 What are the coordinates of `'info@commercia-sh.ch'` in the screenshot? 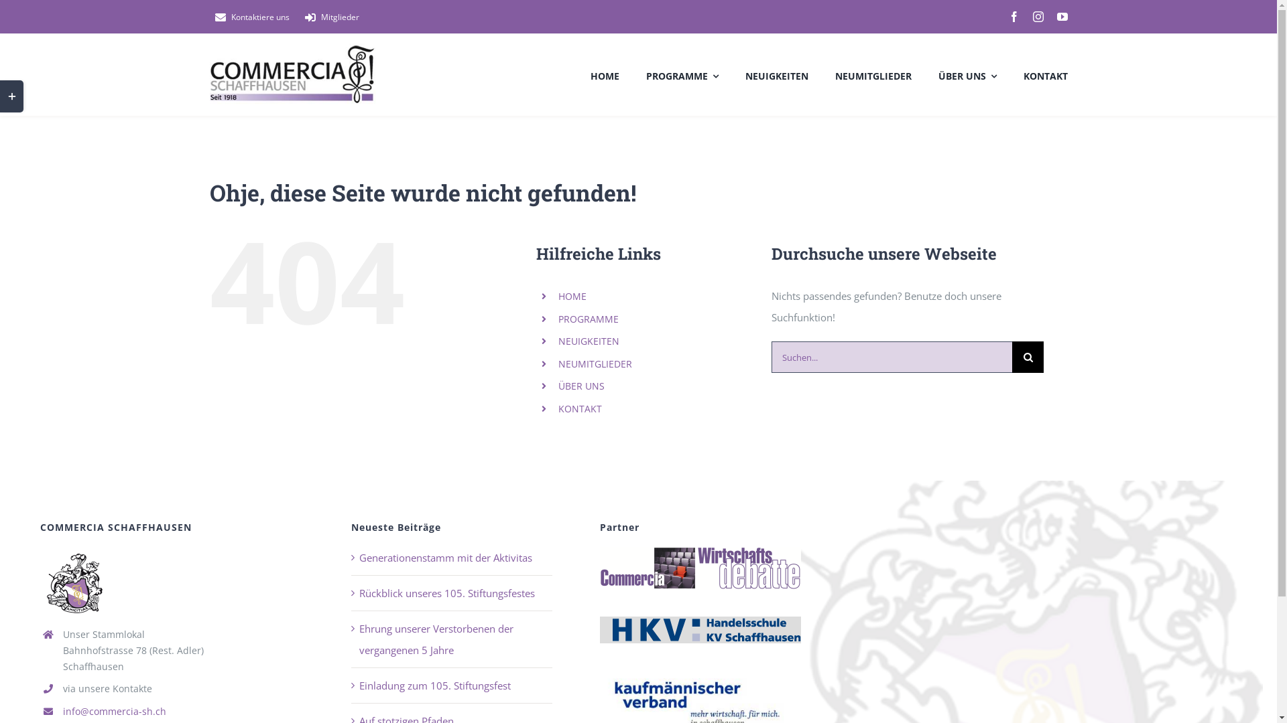 It's located at (115, 710).